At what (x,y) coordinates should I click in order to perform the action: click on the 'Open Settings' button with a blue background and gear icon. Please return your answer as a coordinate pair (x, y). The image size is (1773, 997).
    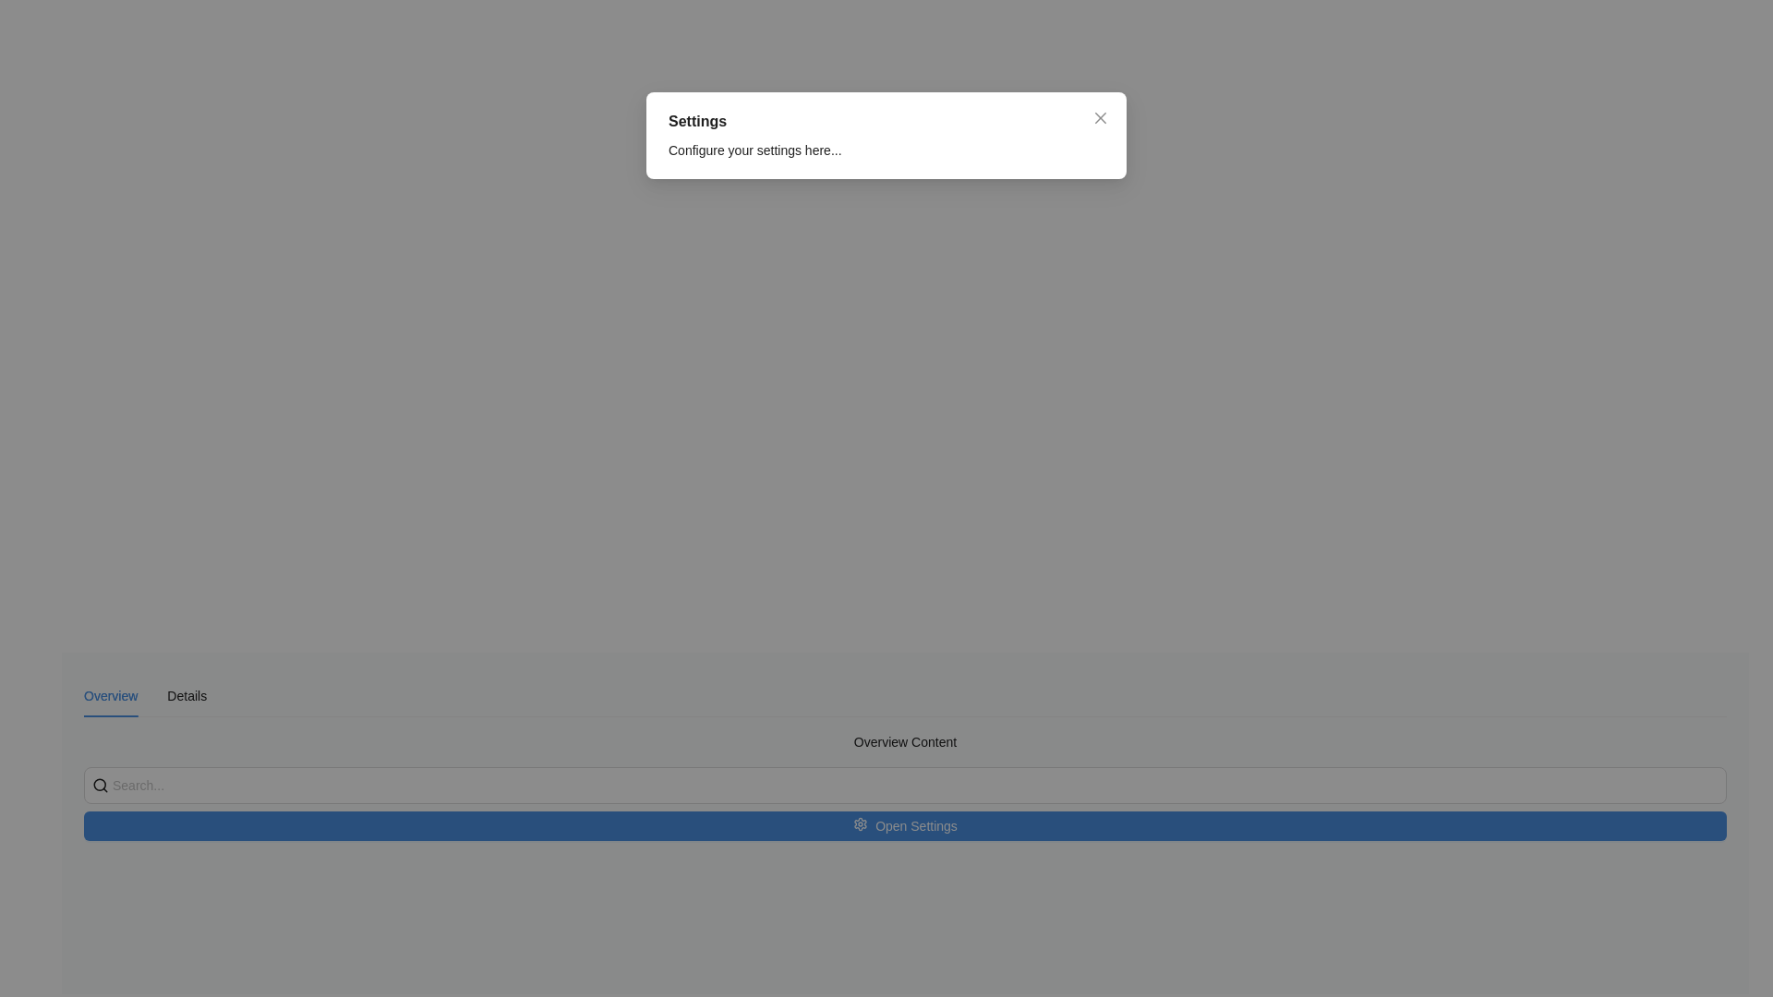
    Looking at the image, I should click on (905, 824).